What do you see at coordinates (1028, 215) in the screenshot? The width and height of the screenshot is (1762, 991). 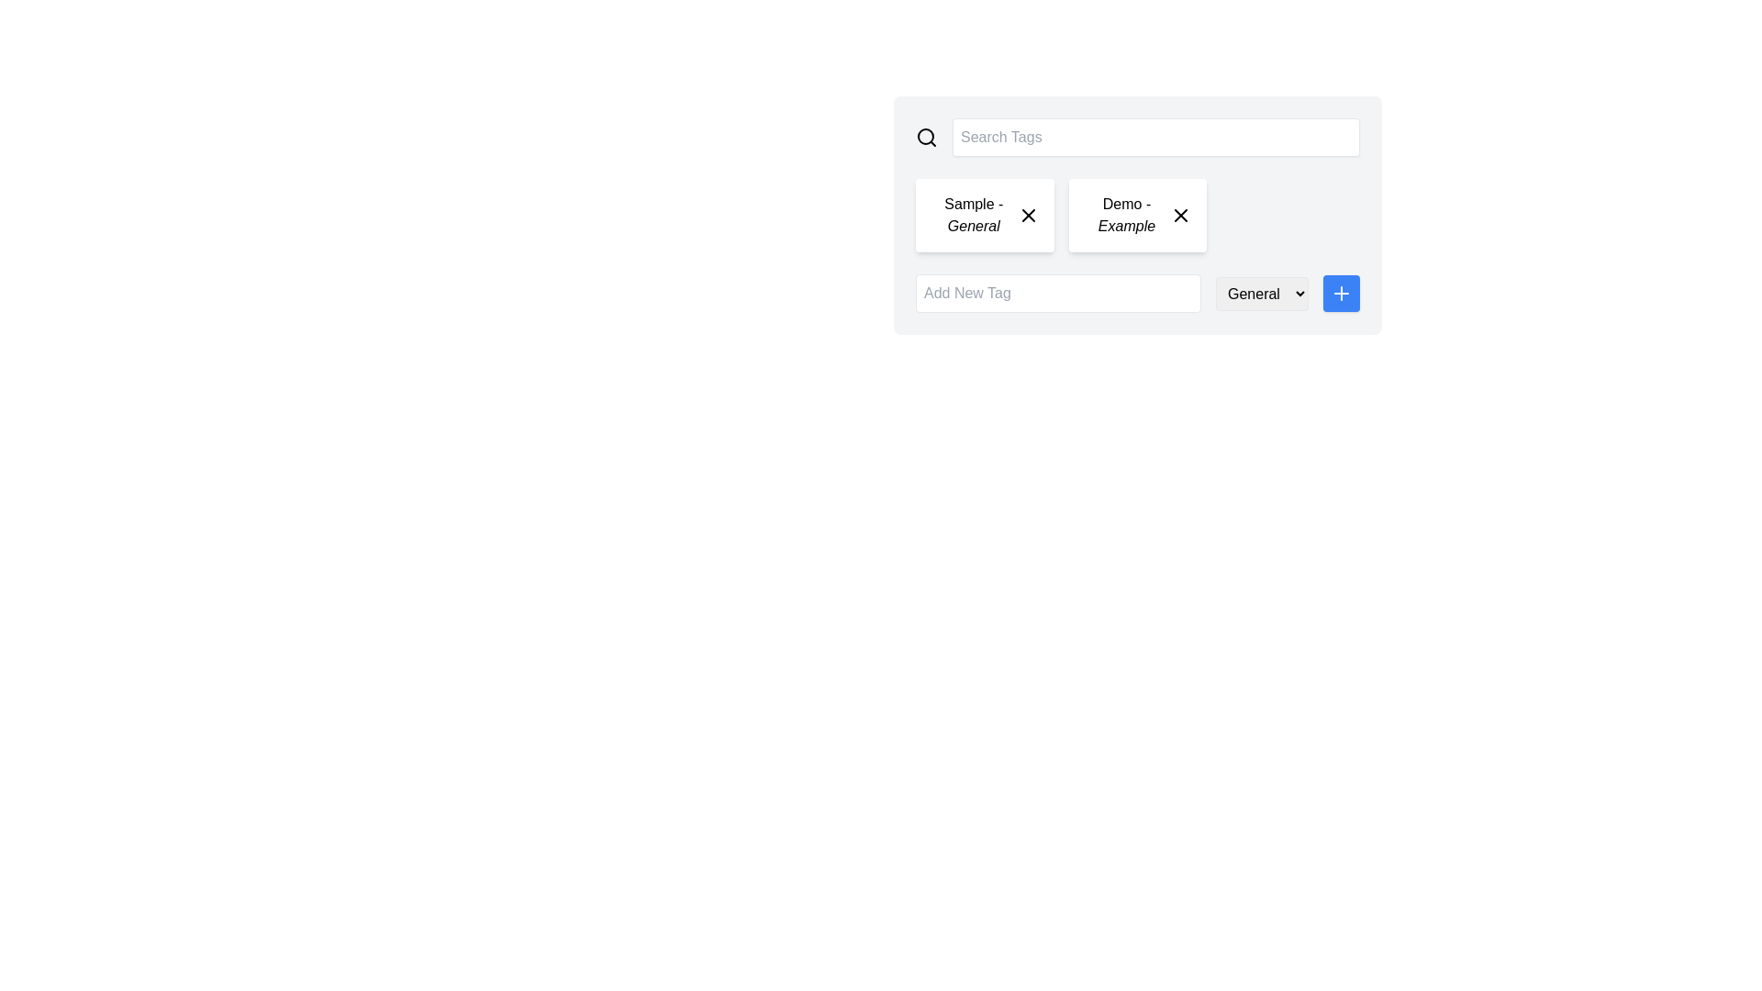 I see `the close button located in the top-right corner of the 'Sample - General' card` at bounding box center [1028, 215].